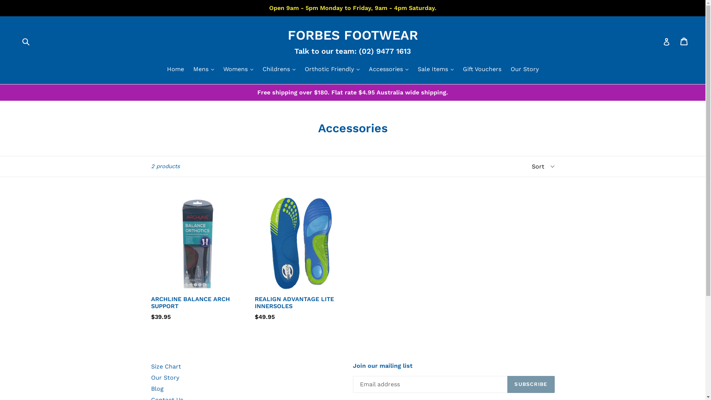 The width and height of the screenshot is (711, 400). What do you see at coordinates (301, 259) in the screenshot?
I see `'REALIGN ADVANTAGE LITE INNERSOLES` at bounding box center [301, 259].